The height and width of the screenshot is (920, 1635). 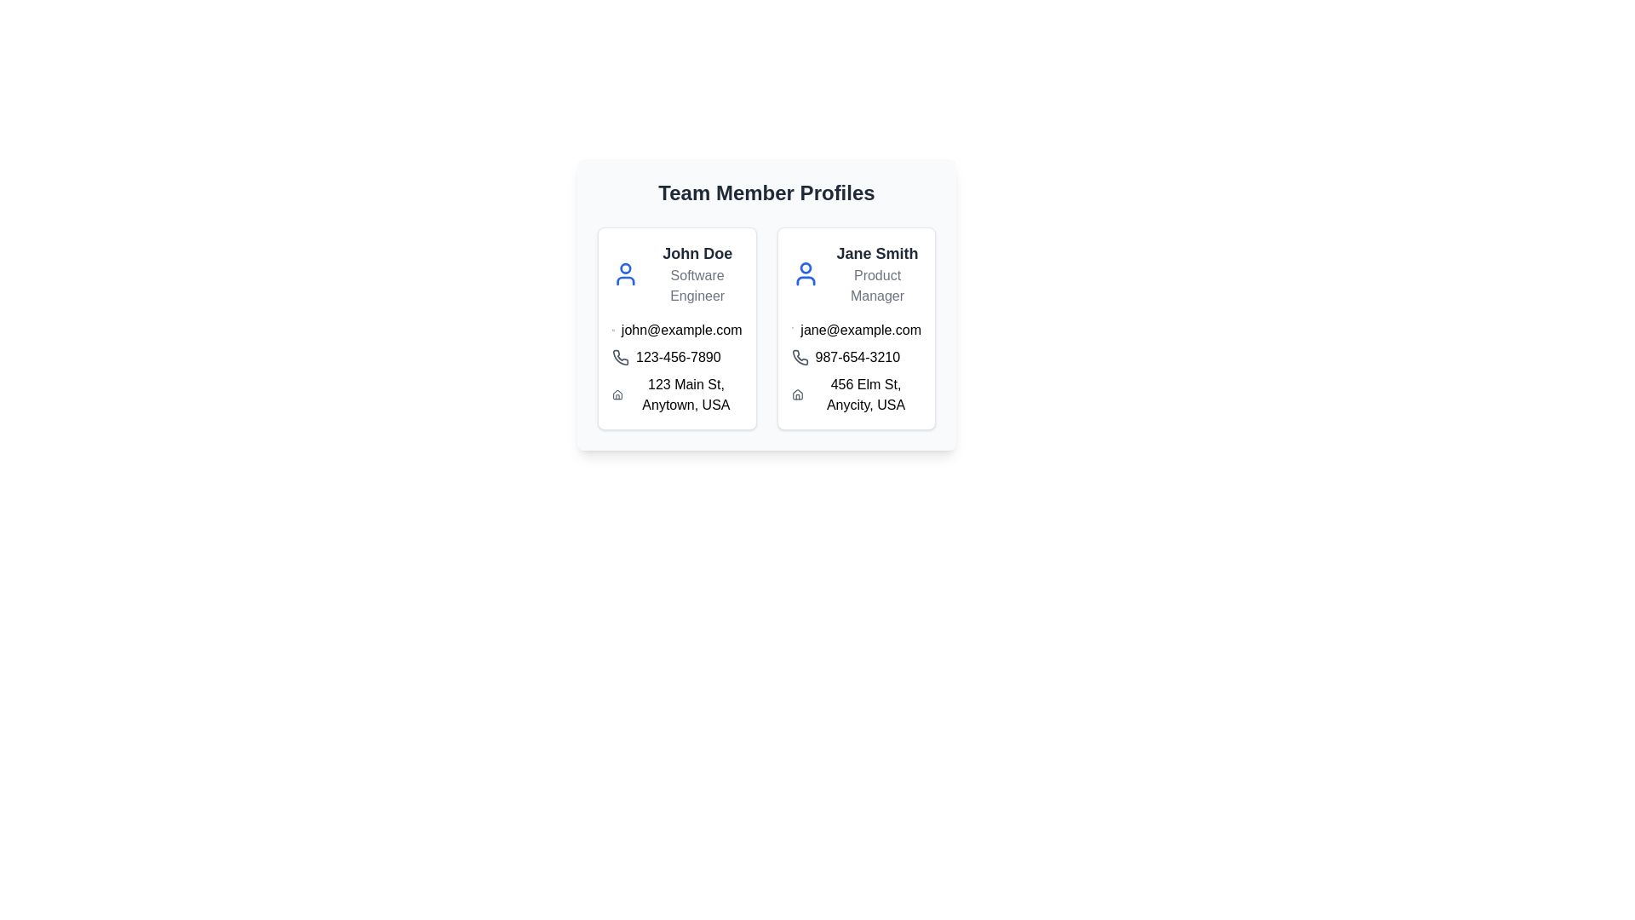 I want to click on the Contact Information Segment that provides the user's email, phone number, and address, located in the middle section of the card below 'John Doe' and 'Software Engineer', so click(x=676, y=367).